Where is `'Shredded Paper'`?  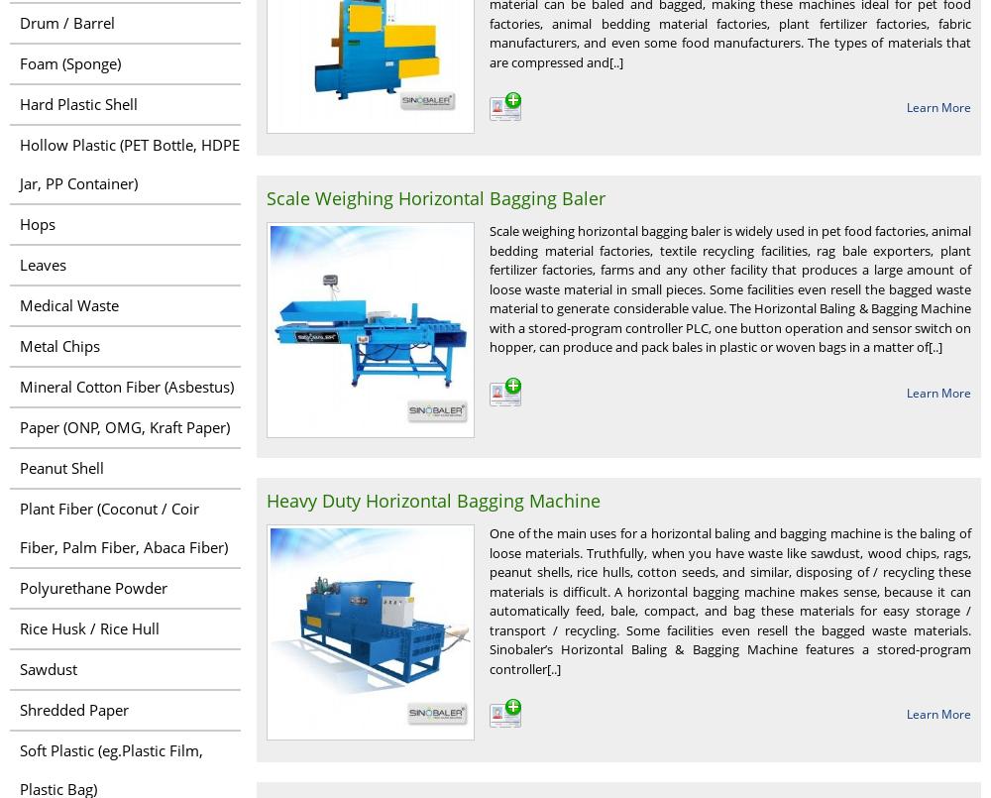 'Shredded Paper' is located at coordinates (73, 709).